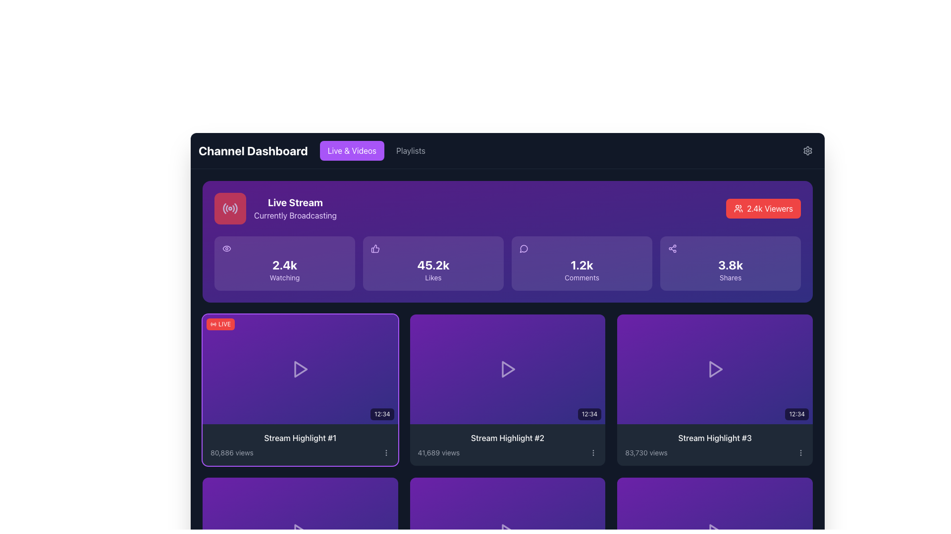 The height and width of the screenshot is (534, 951). Describe the element at coordinates (523, 248) in the screenshot. I see `the speech bubble icon representing messages or comments located in the '1.2k Comments' panel on the dashboard interface` at that location.